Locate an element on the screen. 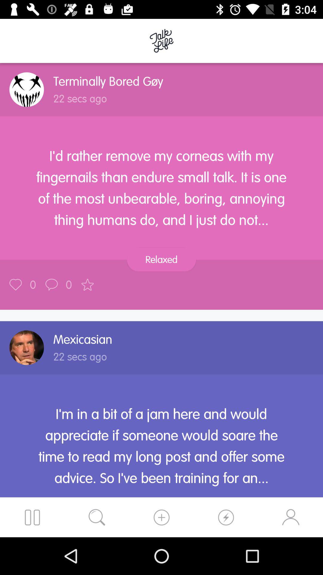 This screenshot has width=323, height=575. crazy scary cartoon smily face is located at coordinates (26, 89).